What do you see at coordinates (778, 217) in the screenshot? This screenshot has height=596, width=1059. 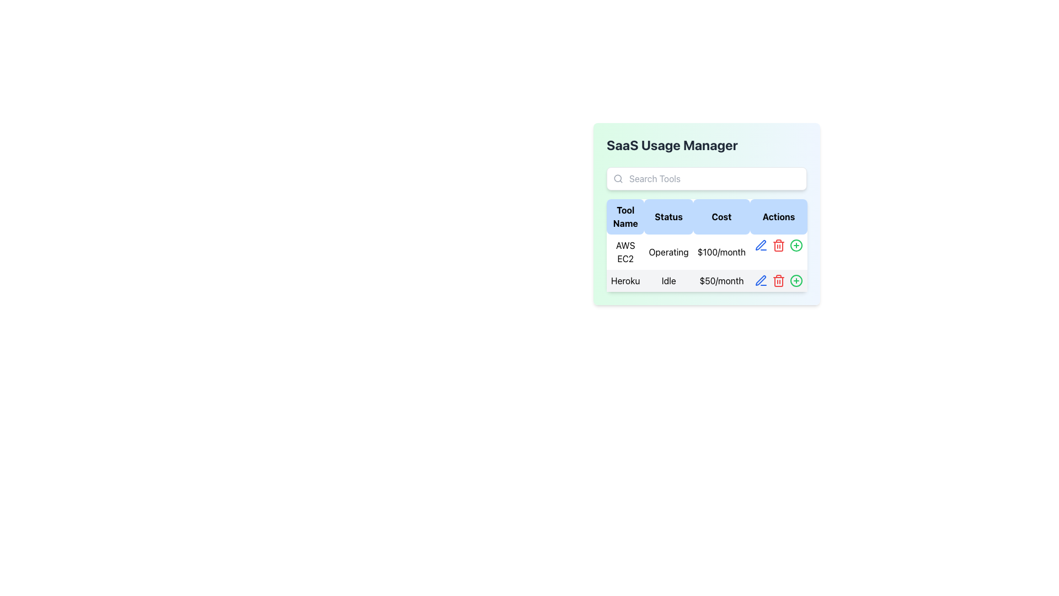 I see `the label with a blue background and bold black text 'Actions' located at the top-right of the table header, which is the fourth element from the left` at bounding box center [778, 217].